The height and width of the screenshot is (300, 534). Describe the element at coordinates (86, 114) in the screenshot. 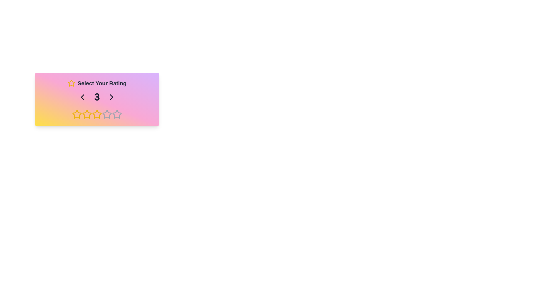

I see `the third star icon in the rating feature` at that location.